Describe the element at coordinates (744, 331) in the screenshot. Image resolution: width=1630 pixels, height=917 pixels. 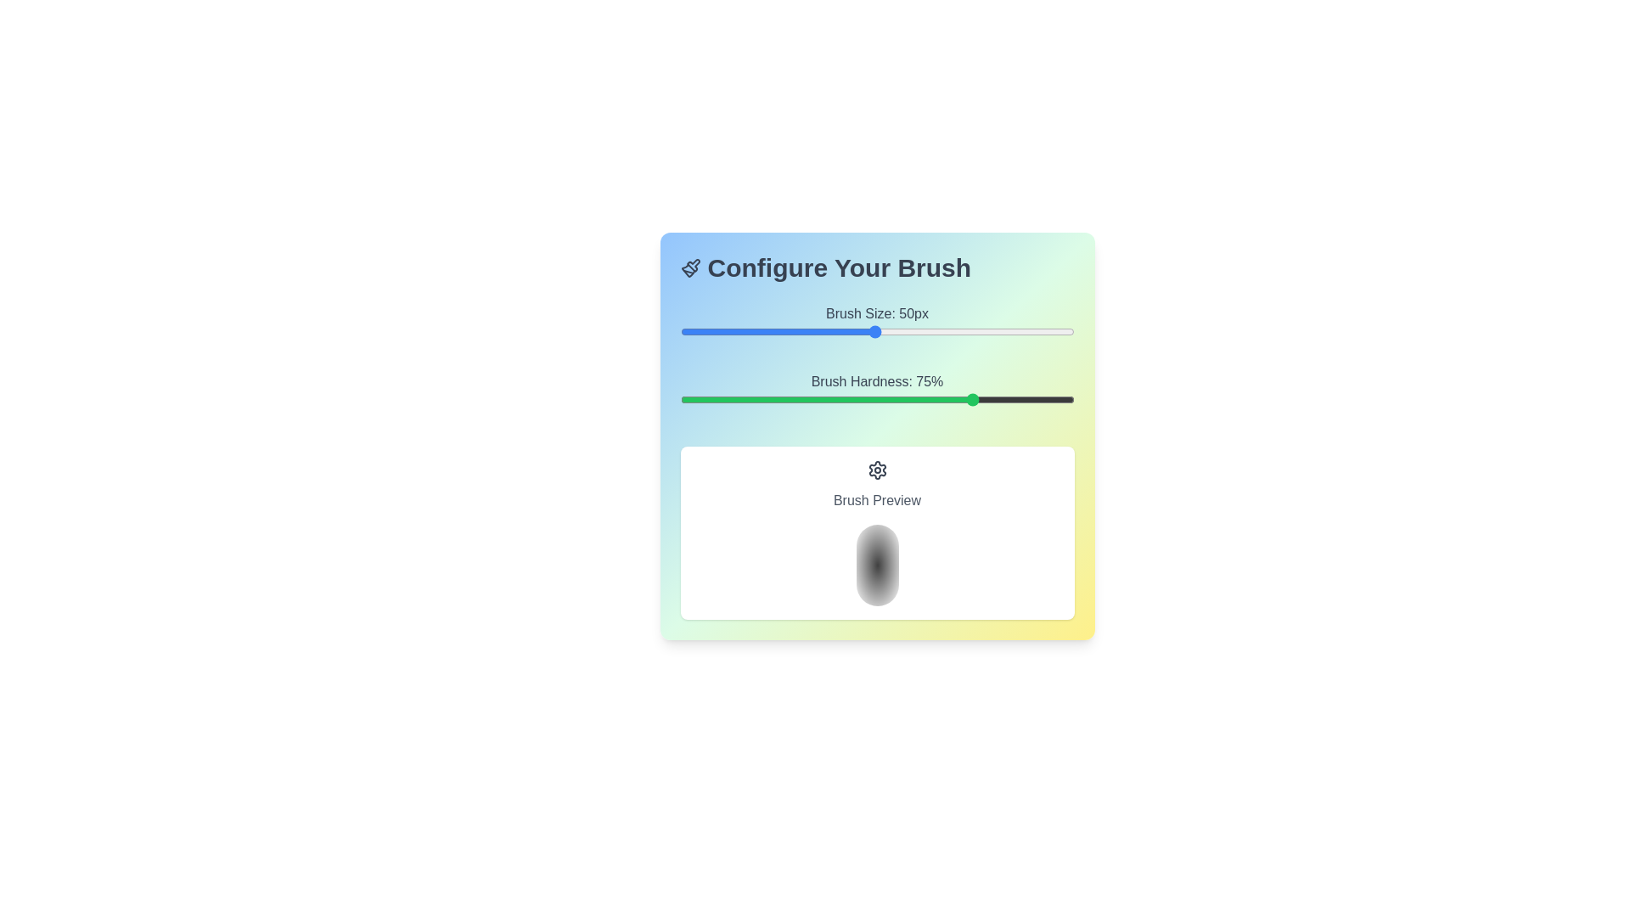
I see `the brush size to 17 by interacting with the slider` at that location.